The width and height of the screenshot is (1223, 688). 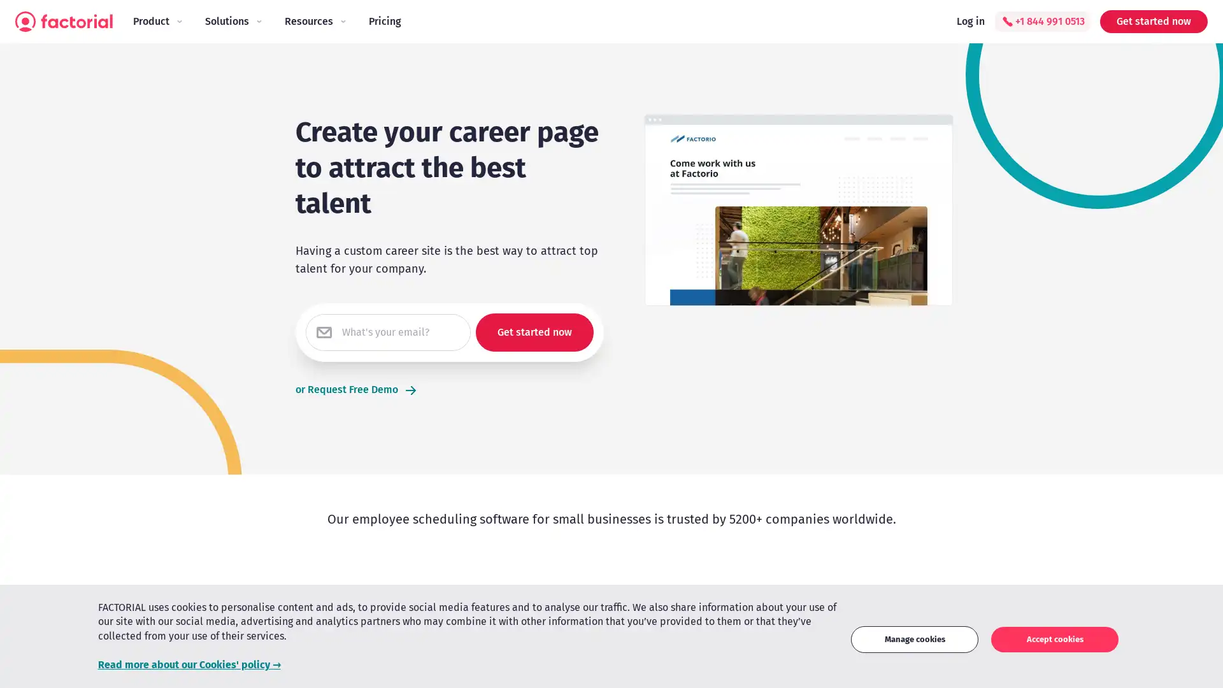 I want to click on Resources, so click(x=317, y=22).